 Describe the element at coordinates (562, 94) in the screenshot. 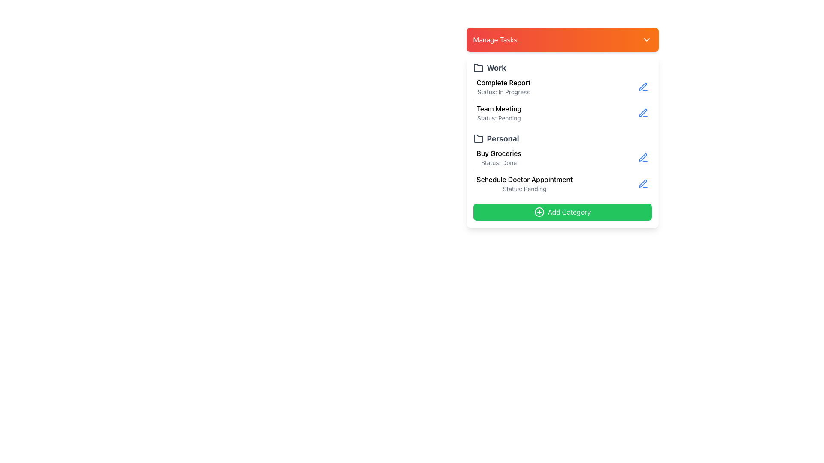

I see `the list of categorized tasks under the 'Work' section in the 'Manage Tasks' panel` at that location.